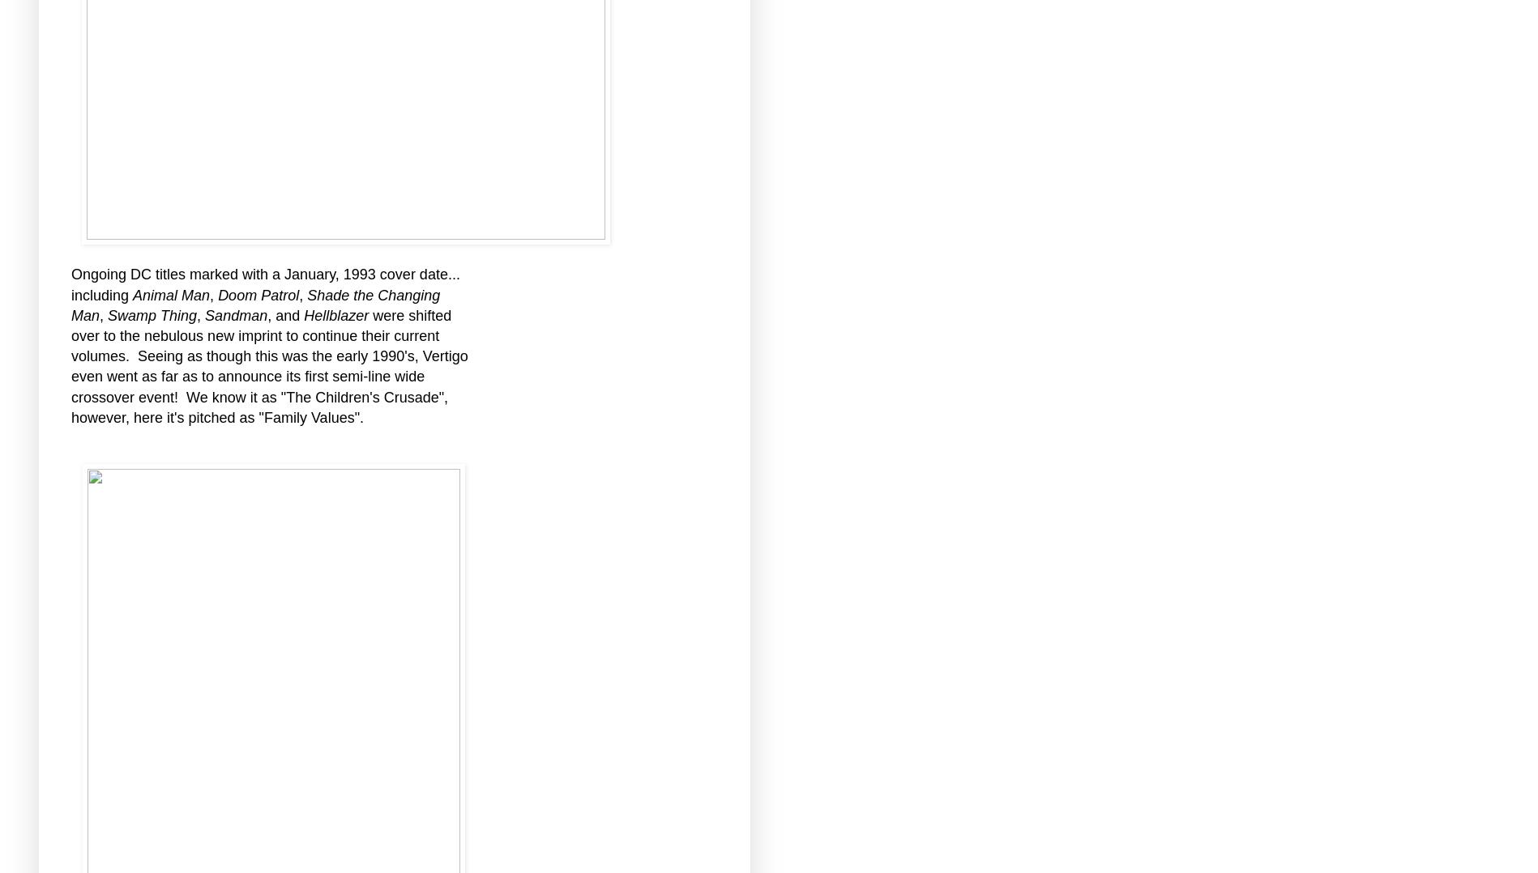 Image resolution: width=1538 pixels, height=873 pixels. What do you see at coordinates (152, 314) in the screenshot?
I see `'Swamp Thing'` at bounding box center [152, 314].